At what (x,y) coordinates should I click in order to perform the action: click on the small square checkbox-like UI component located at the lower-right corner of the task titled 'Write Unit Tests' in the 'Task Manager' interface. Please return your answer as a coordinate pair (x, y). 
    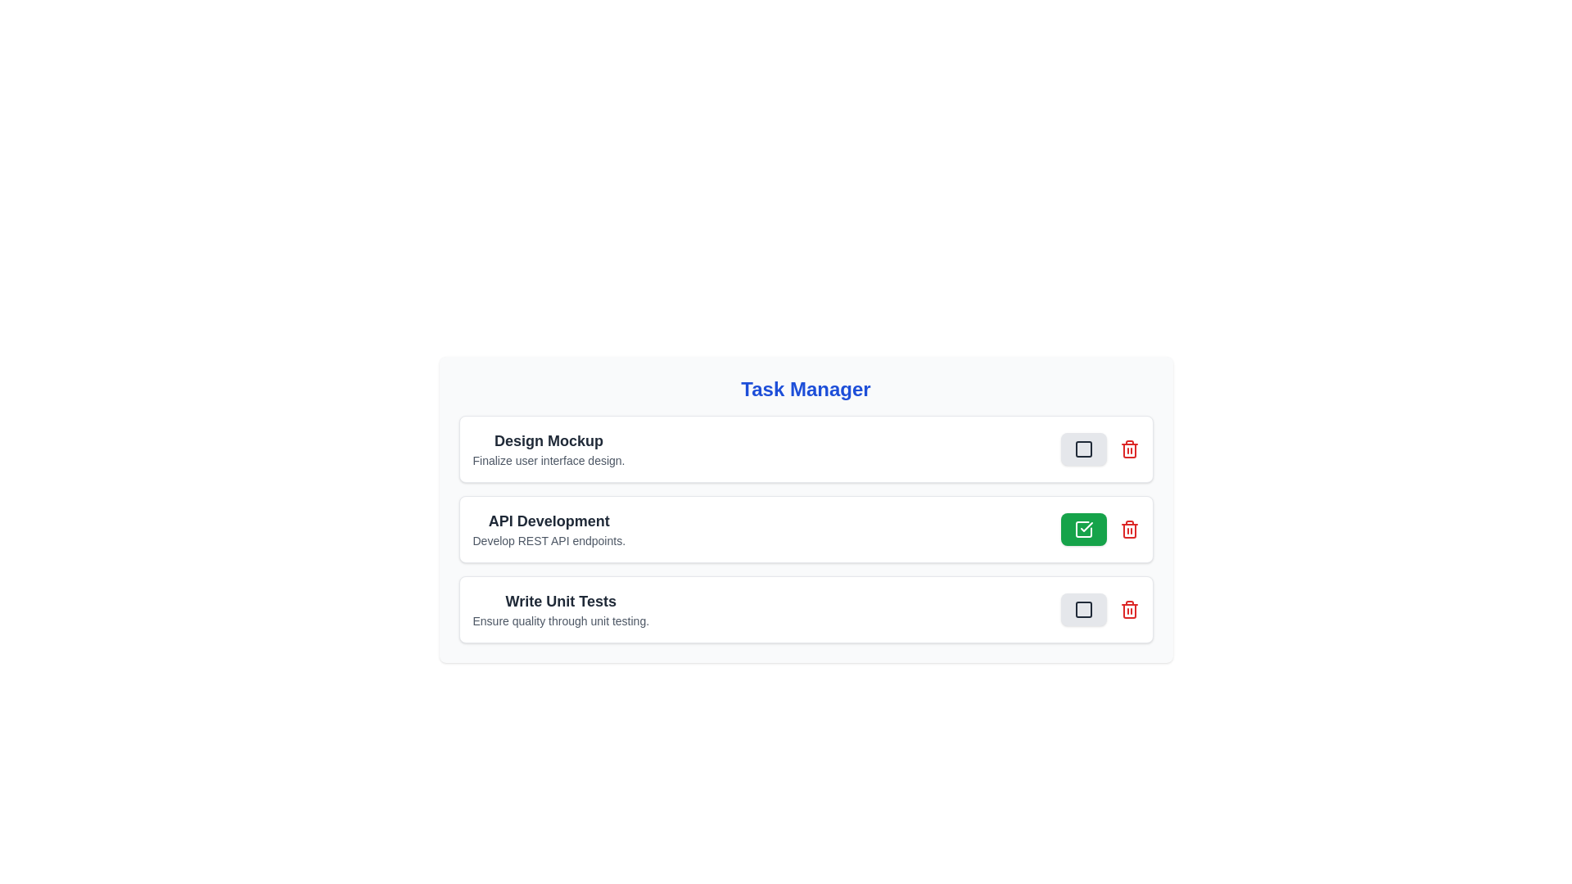
    Looking at the image, I should click on (1083, 609).